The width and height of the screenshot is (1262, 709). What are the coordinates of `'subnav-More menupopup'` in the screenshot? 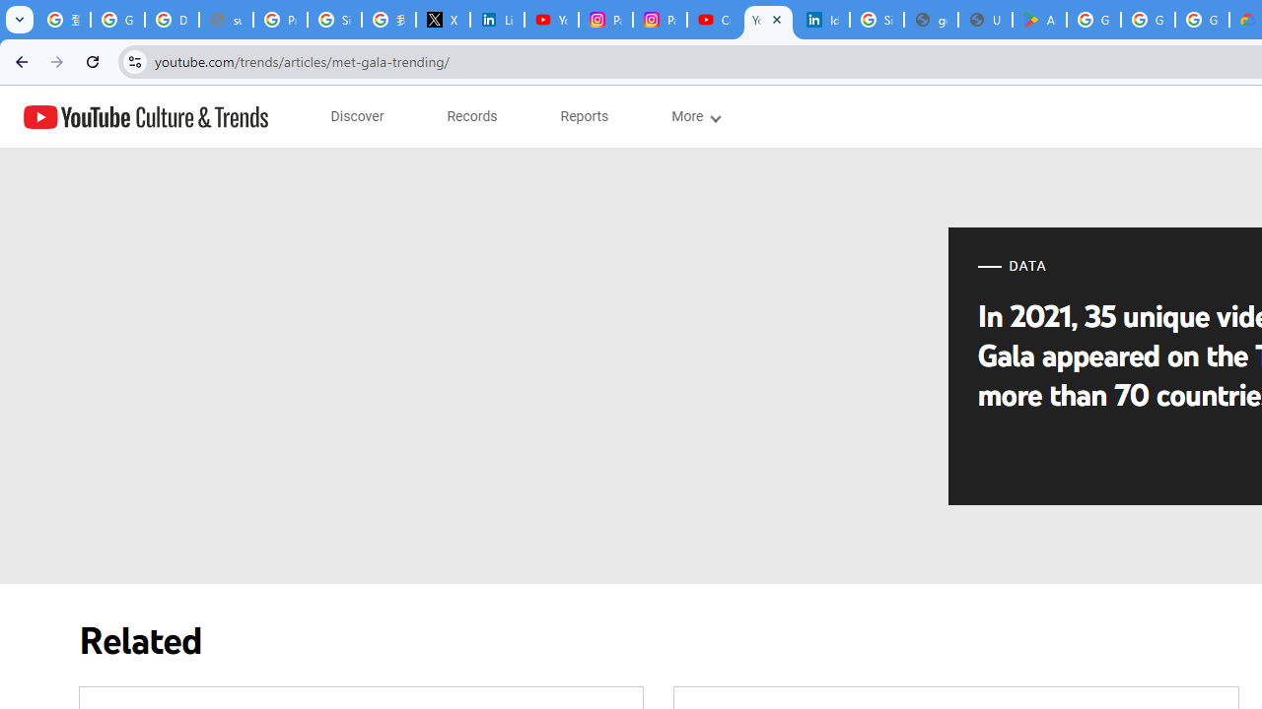 It's located at (695, 116).